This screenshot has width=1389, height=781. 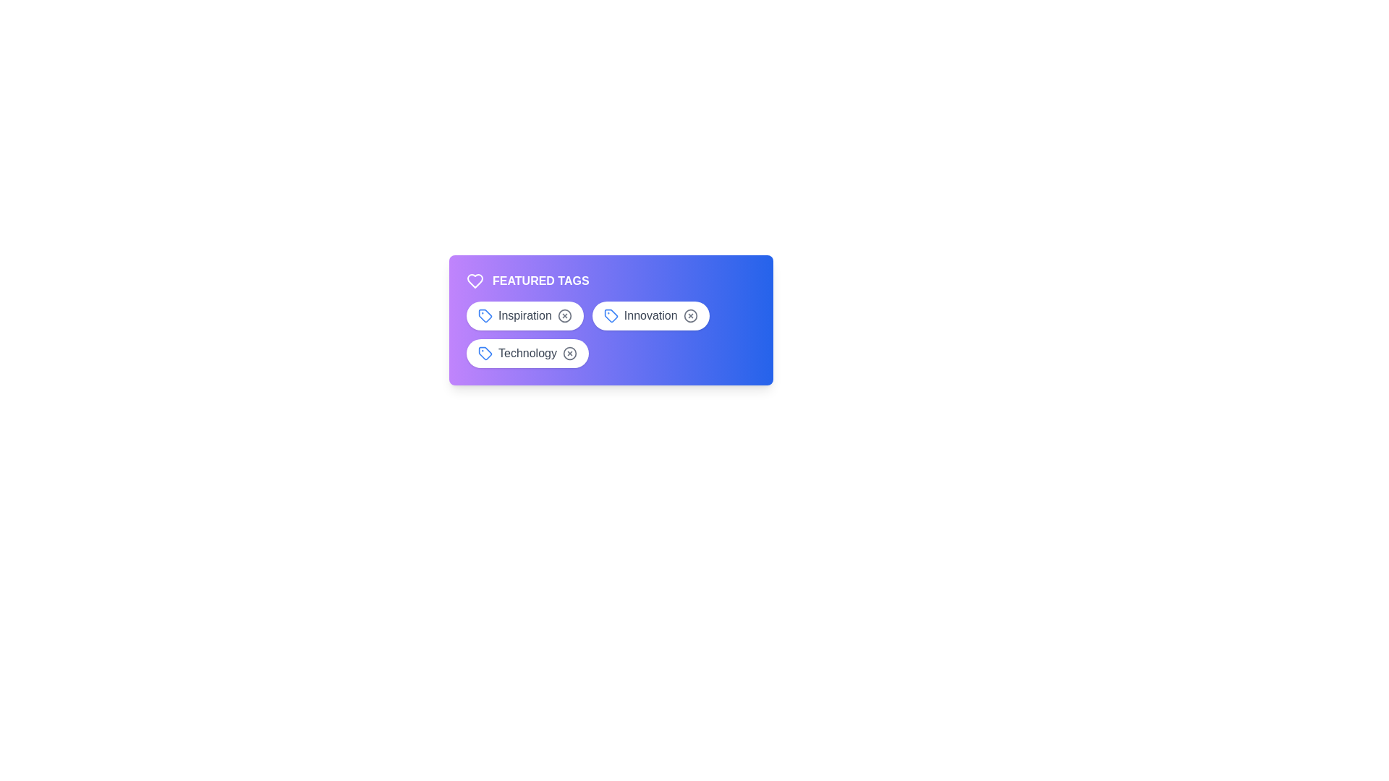 What do you see at coordinates (524, 315) in the screenshot?
I see `the text label displaying 'Inspiration' in a medium, gray font style, which is positioned within a rounded white tag with a shadow effect in the top-left corner of the tag group` at bounding box center [524, 315].